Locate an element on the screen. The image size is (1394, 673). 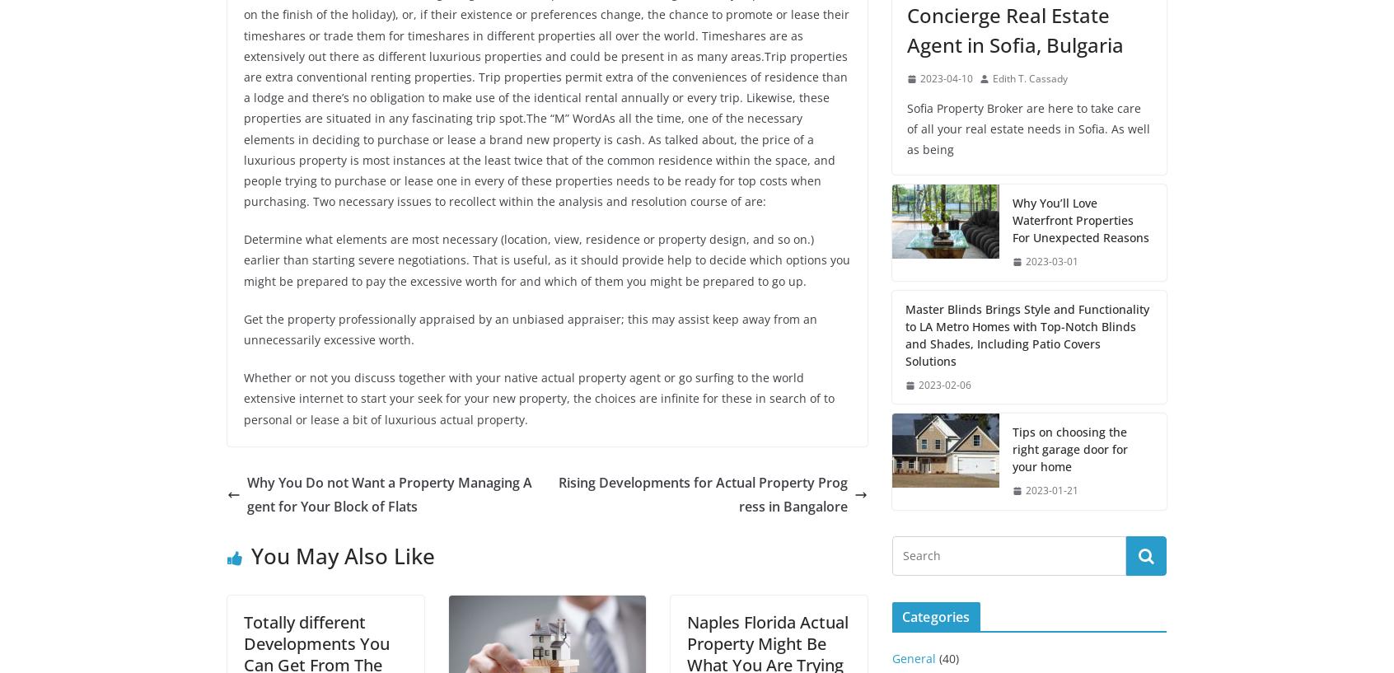
'General' is located at coordinates (914, 658).